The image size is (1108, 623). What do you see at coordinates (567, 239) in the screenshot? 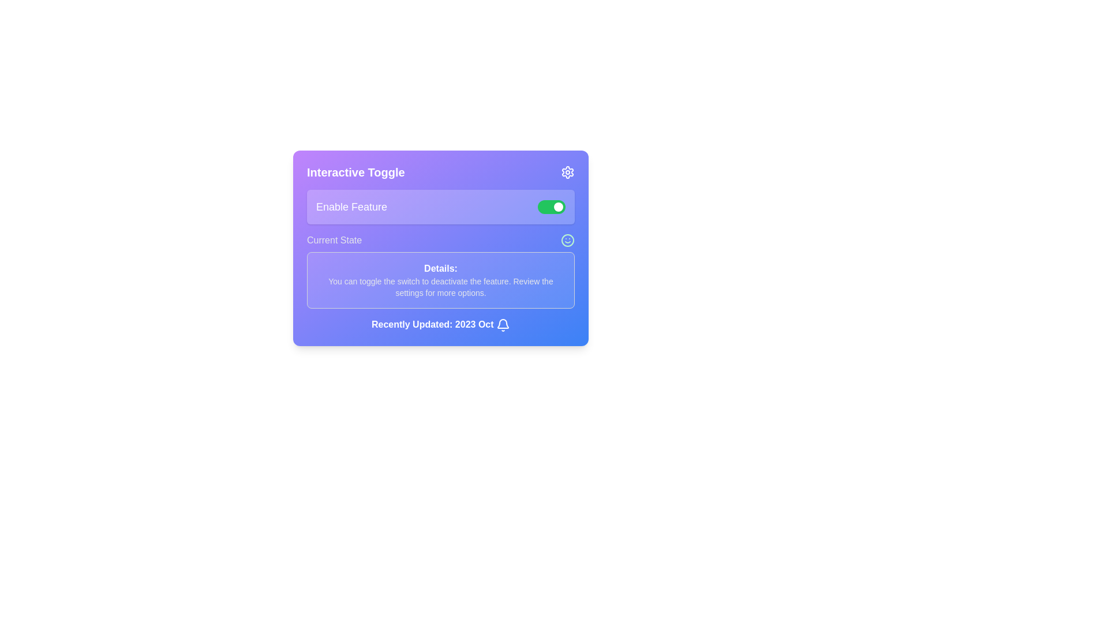
I see `the smiley icon located at the top-right of the 'Current State' section, which represents a positive or active state` at bounding box center [567, 239].